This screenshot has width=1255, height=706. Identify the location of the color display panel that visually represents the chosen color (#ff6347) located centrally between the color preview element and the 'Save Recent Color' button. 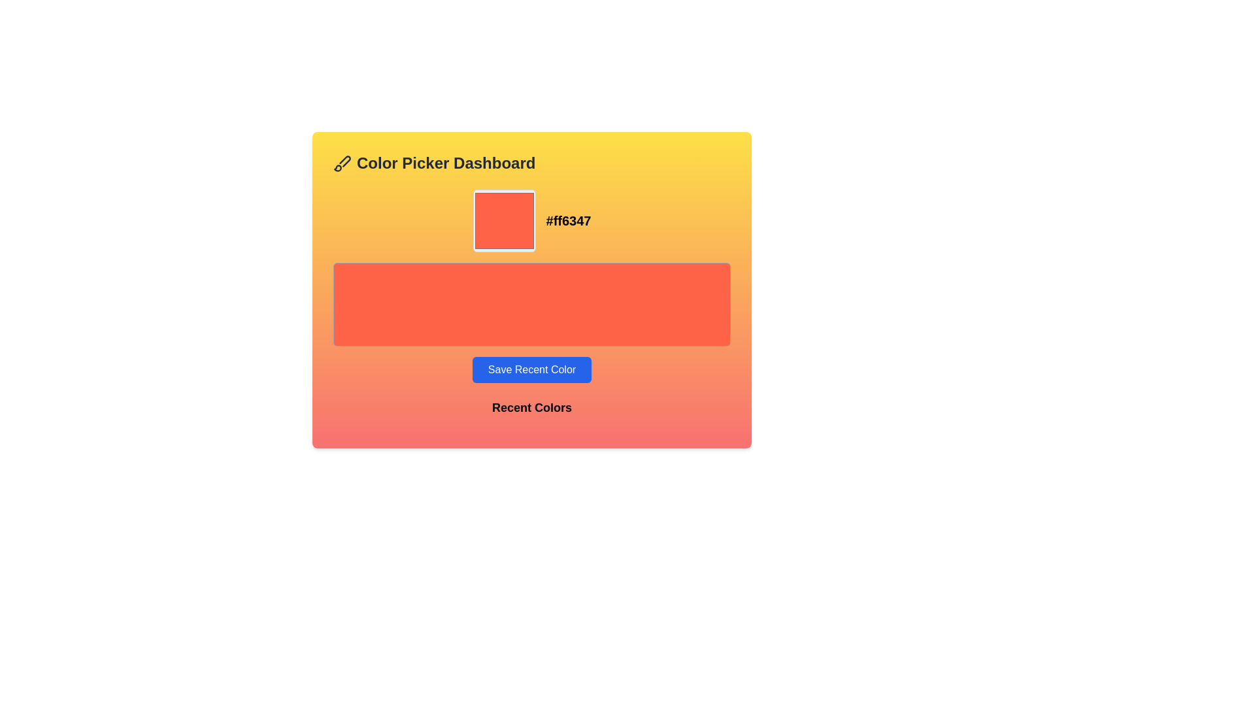
(532, 286).